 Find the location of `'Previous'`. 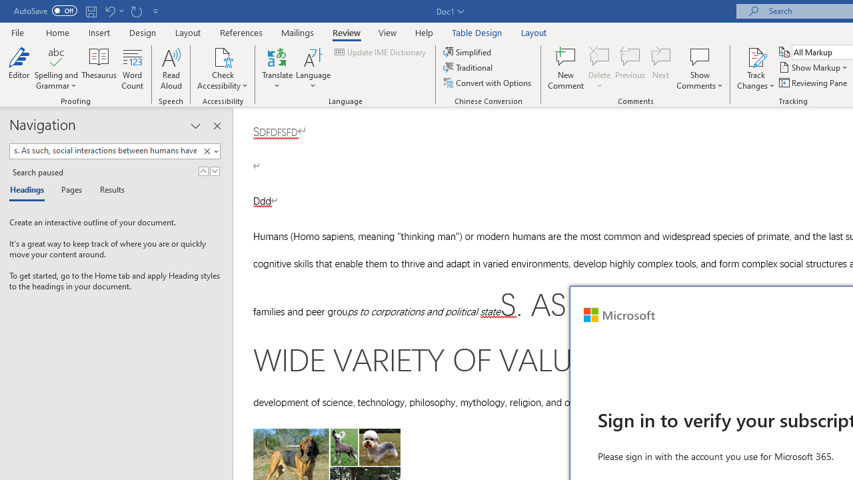

'Previous' is located at coordinates (630, 69).